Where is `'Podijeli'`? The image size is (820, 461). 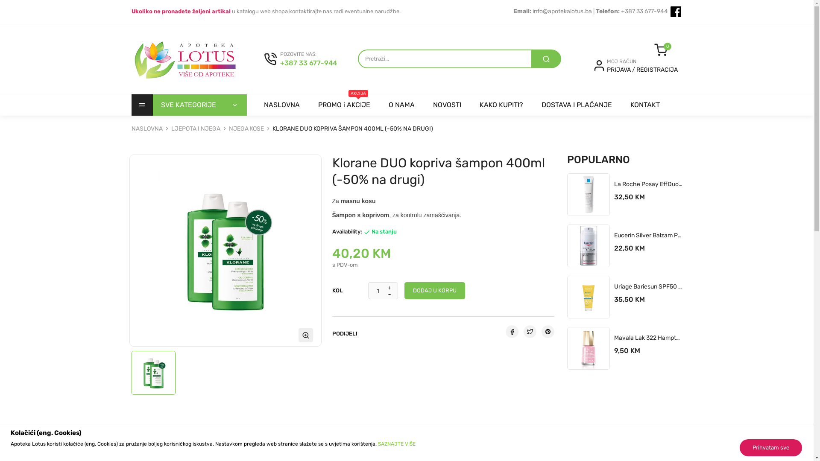 'Podijeli' is located at coordinates (512, 331).